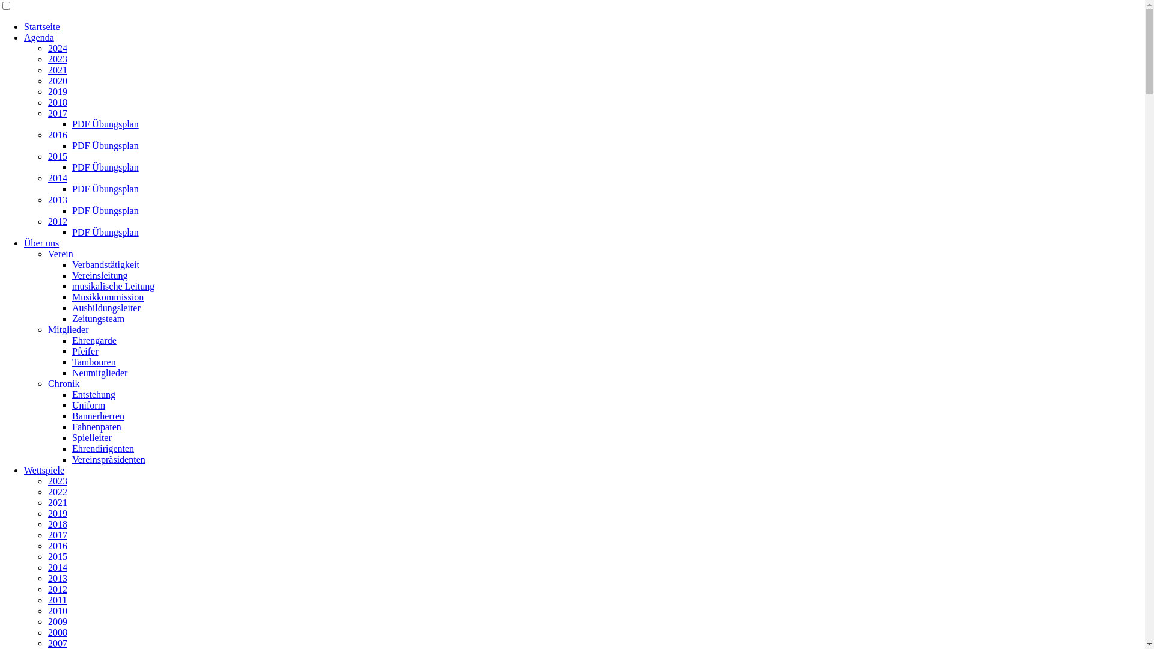  I want to click on '2007', so click(57, 642).